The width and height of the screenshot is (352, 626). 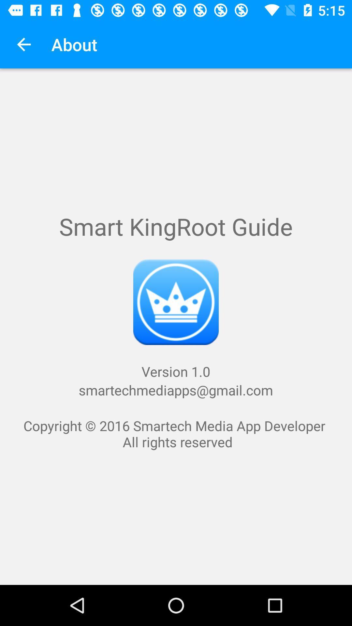 I want to click on icon above copyright 2016 smartech, so click(x=23, y=44).